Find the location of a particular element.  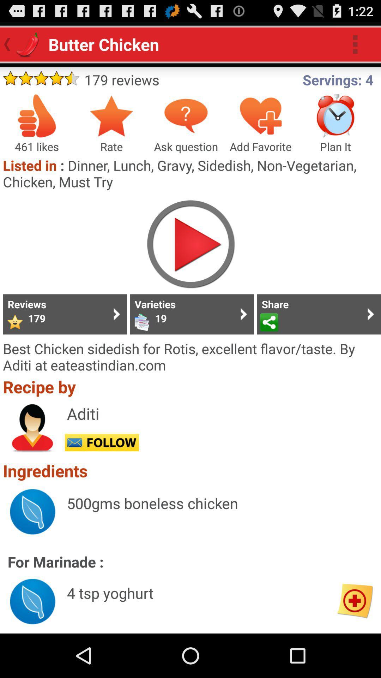

the add icon is located at coordinates (355, 643).